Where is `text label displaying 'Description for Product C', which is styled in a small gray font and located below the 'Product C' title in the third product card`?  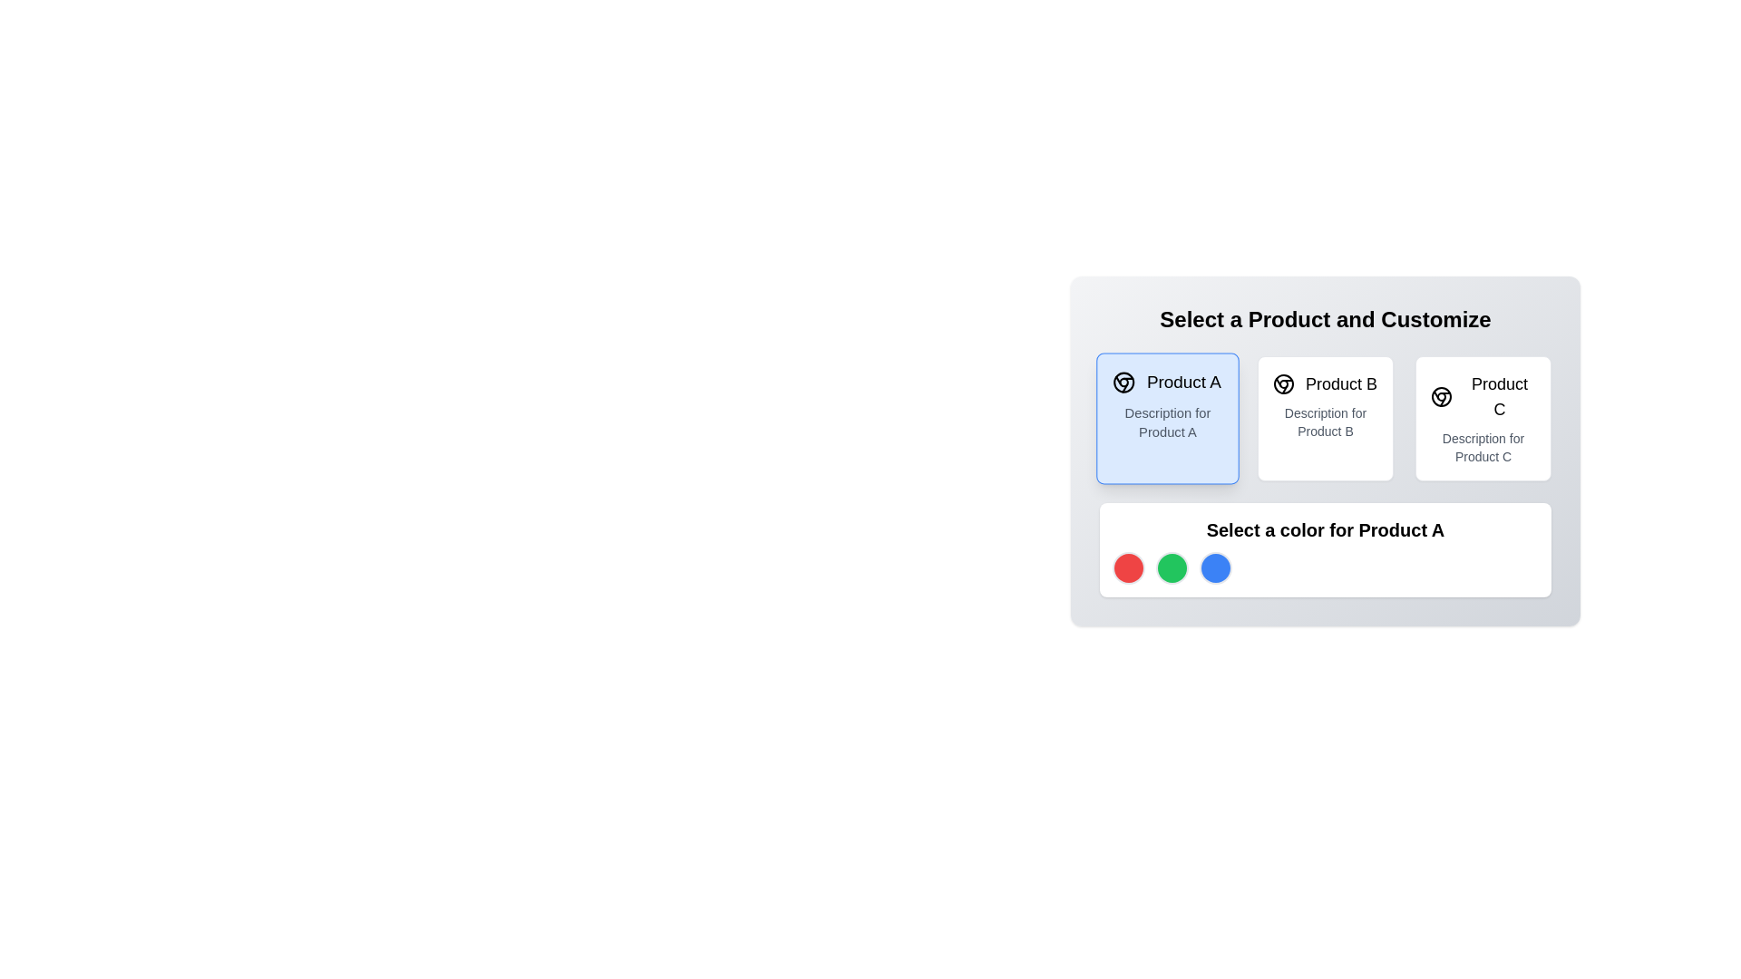
text label displaying 'Description for Product C', which is styled in a small gray font and located below the 'Product C' title in the third product card is located at coordinates (1483, 447).